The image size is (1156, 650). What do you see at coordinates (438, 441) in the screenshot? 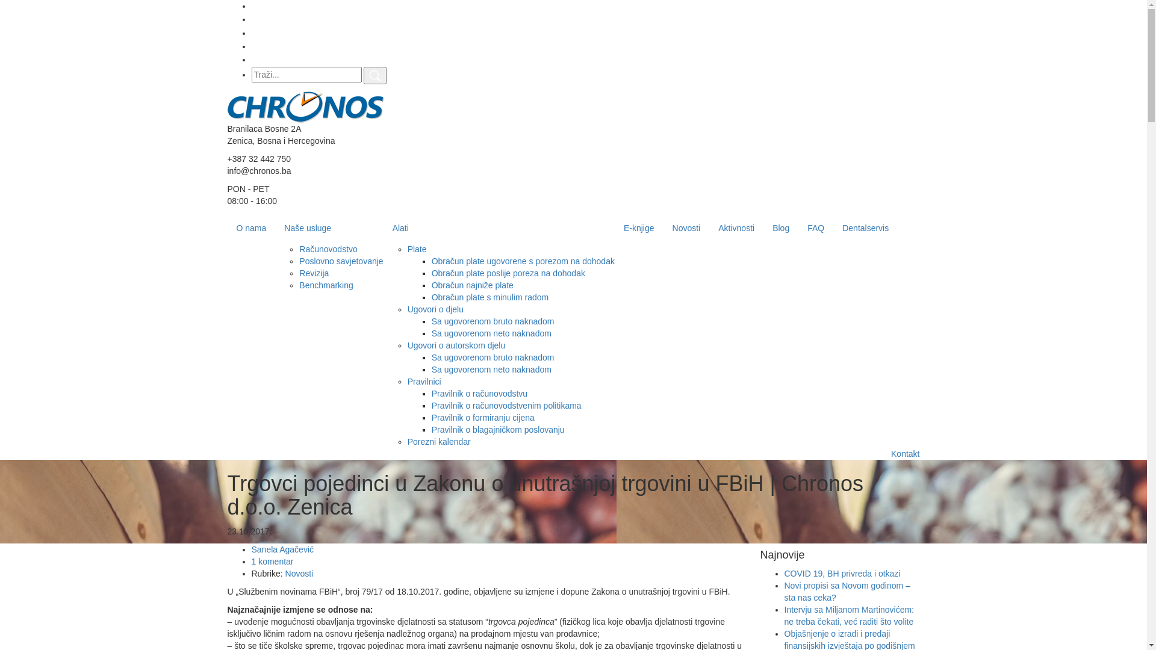
I see `'Porezni kalendar'` at bounding box center [438, 441].